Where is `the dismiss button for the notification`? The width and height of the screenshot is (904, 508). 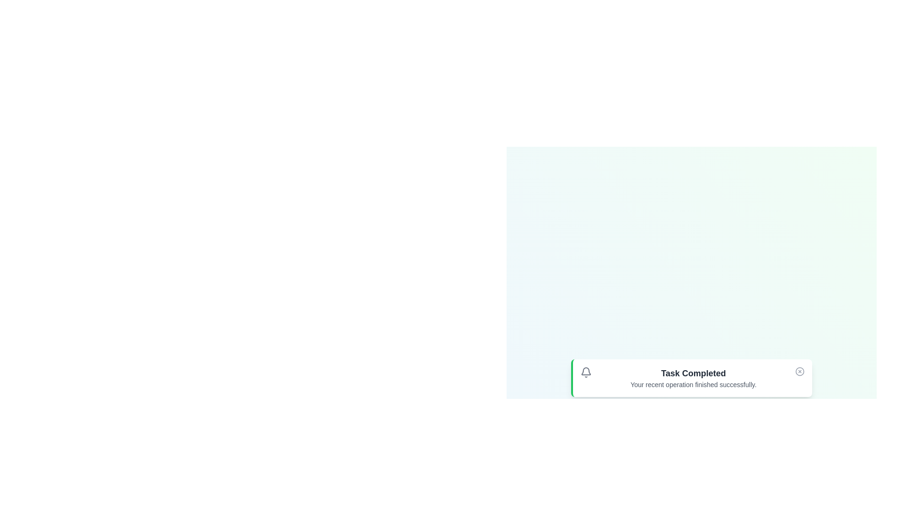
the dismiss button for the notification is located at coordinates (799, 371).